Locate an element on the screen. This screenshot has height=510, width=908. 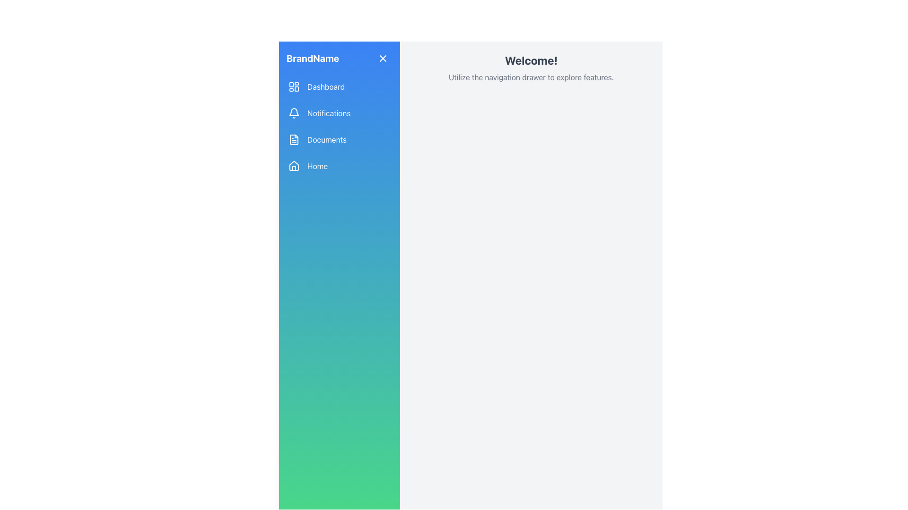
the static text element that serves as a header or welcome message, positioned centrally at the top of the content area, to the right of the navigation drawer is located at coordinates (531, 60).